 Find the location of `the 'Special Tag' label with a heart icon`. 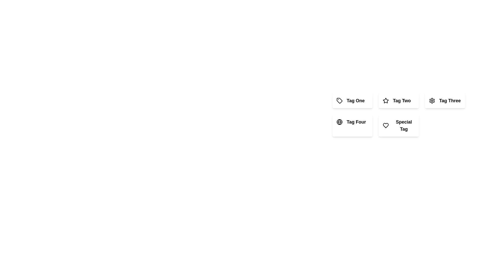

the 'Special Tag' label with a heart icon is located at coordinates (399, 125).